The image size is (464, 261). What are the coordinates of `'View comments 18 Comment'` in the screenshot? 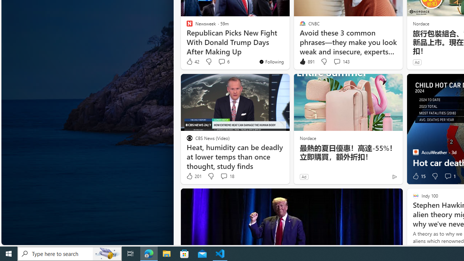 It's located at (223, 176).